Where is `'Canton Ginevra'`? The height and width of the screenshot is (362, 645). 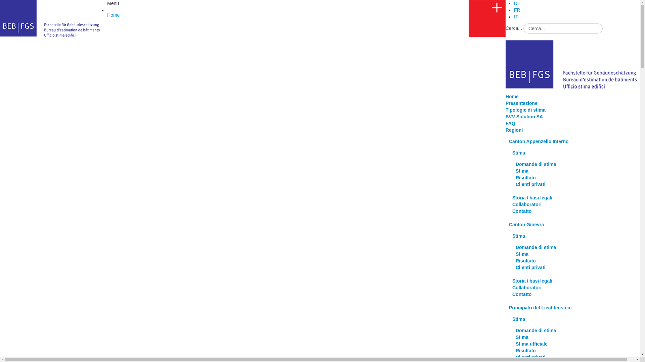 'Canton Ginevra' is located at coordinates (509, 225).